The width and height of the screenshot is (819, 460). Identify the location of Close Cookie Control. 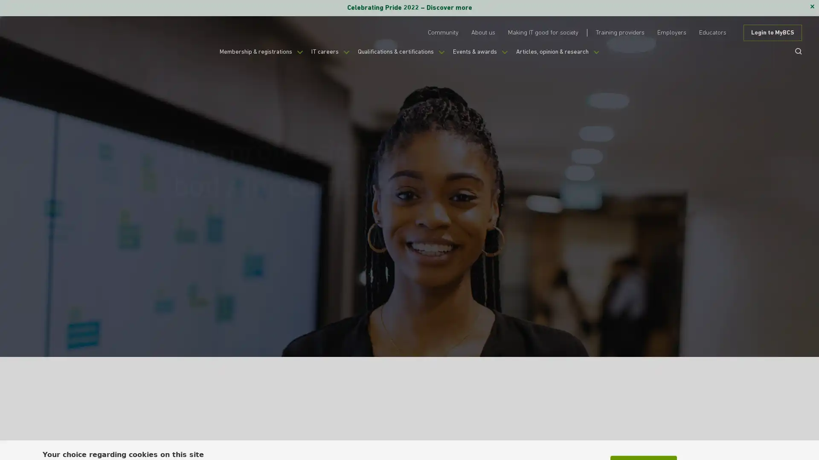
(776, 432).